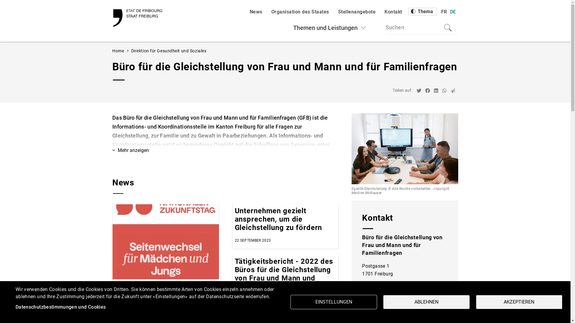 The image size is (575, 323). Describe the element at coordinates (393, 12) in the screenshot. I see `'Kontakt'` at that location.